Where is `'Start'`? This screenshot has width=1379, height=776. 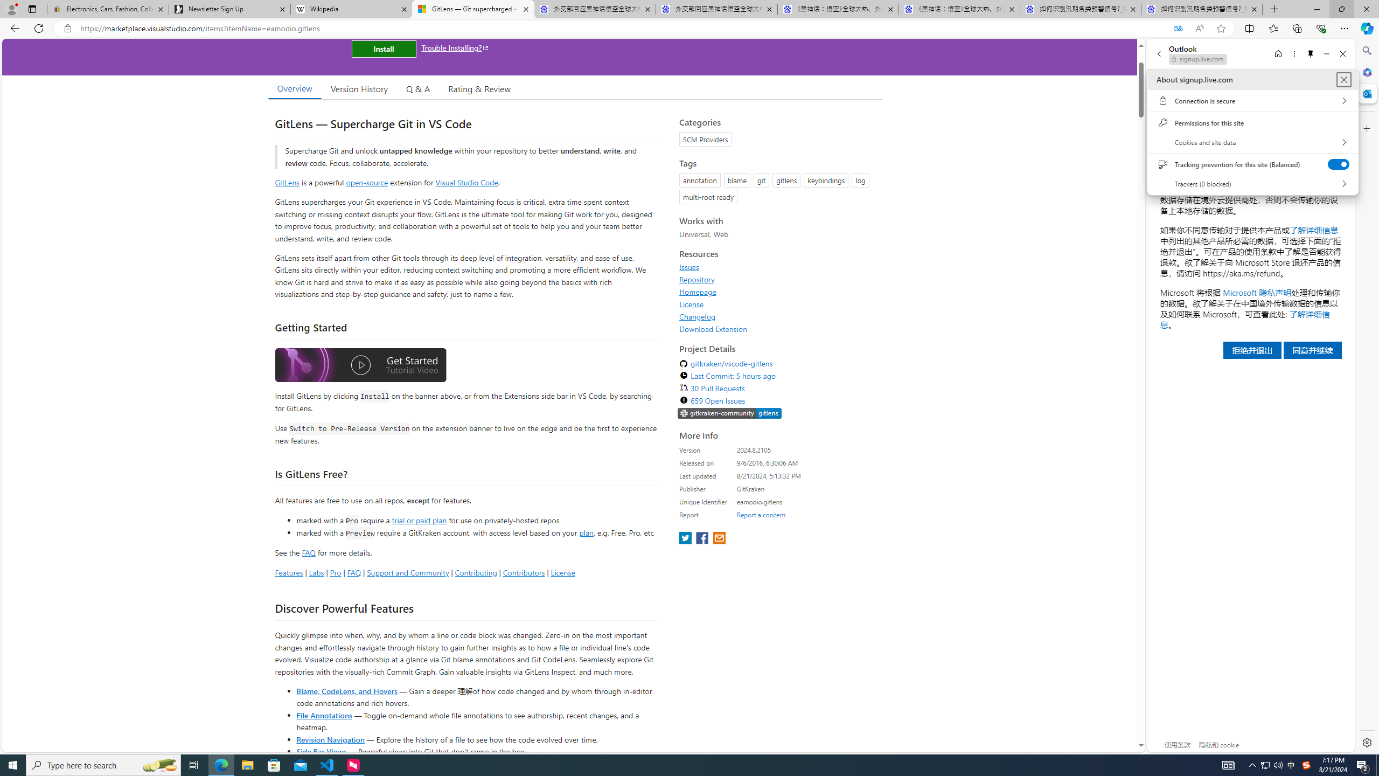 'Start' is located at coordinates (13, 764).